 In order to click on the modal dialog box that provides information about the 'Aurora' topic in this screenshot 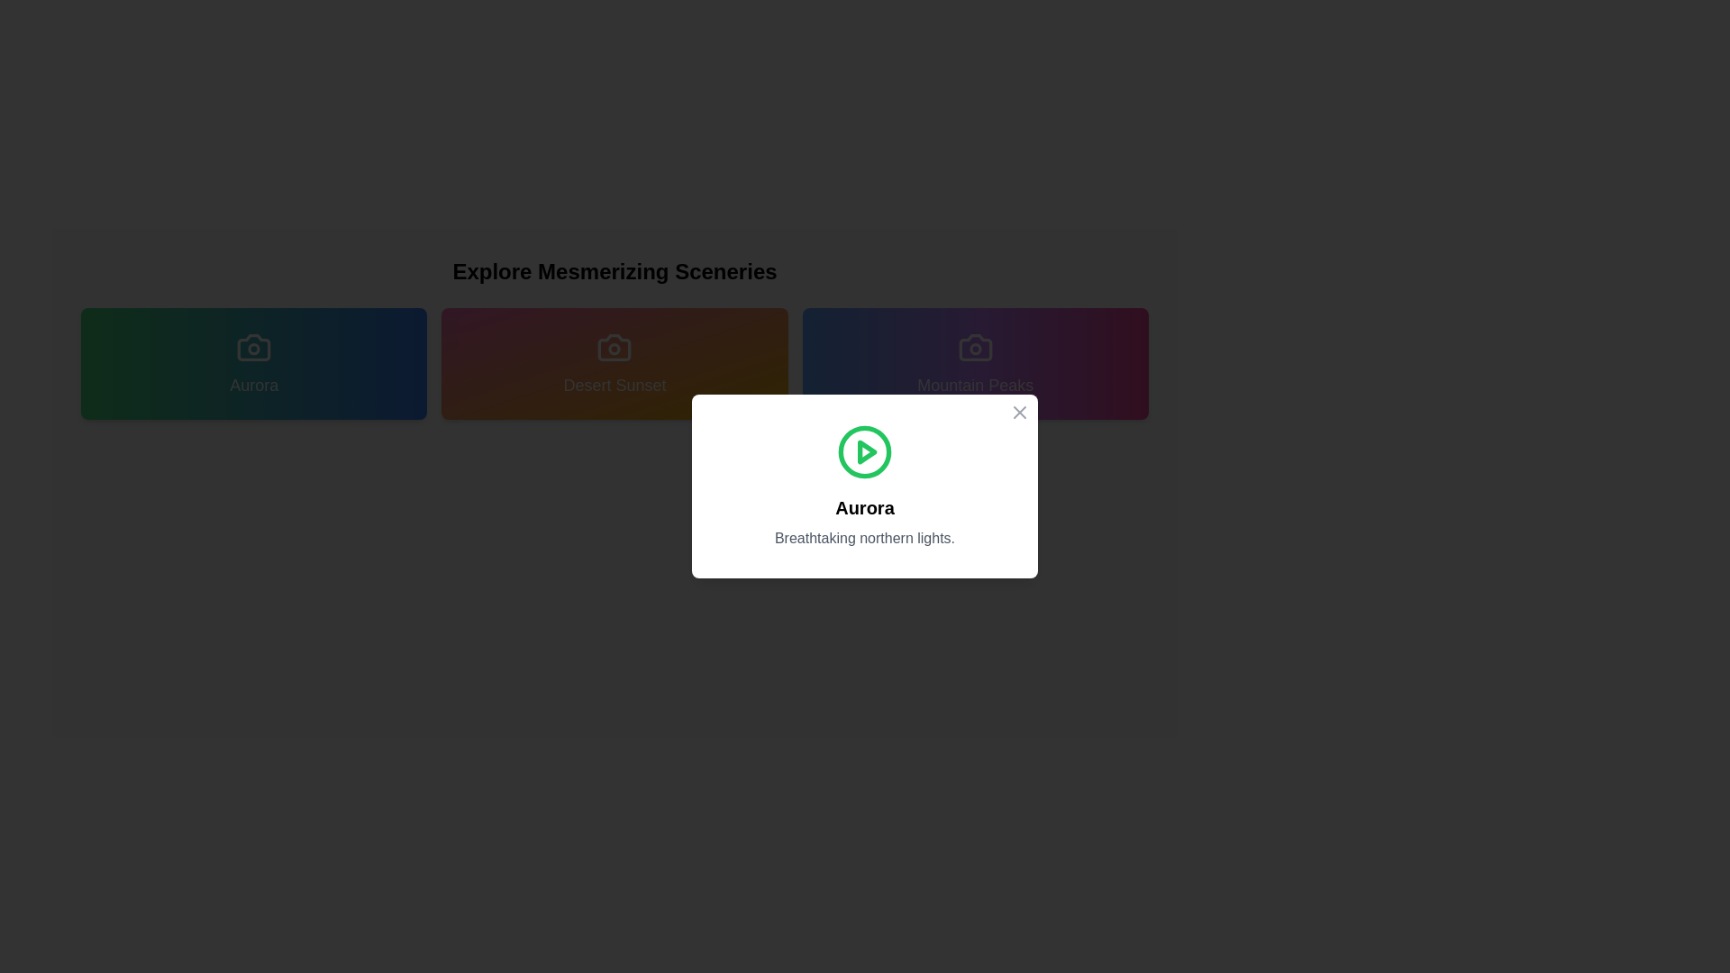, I will do `click(865, 486)`.